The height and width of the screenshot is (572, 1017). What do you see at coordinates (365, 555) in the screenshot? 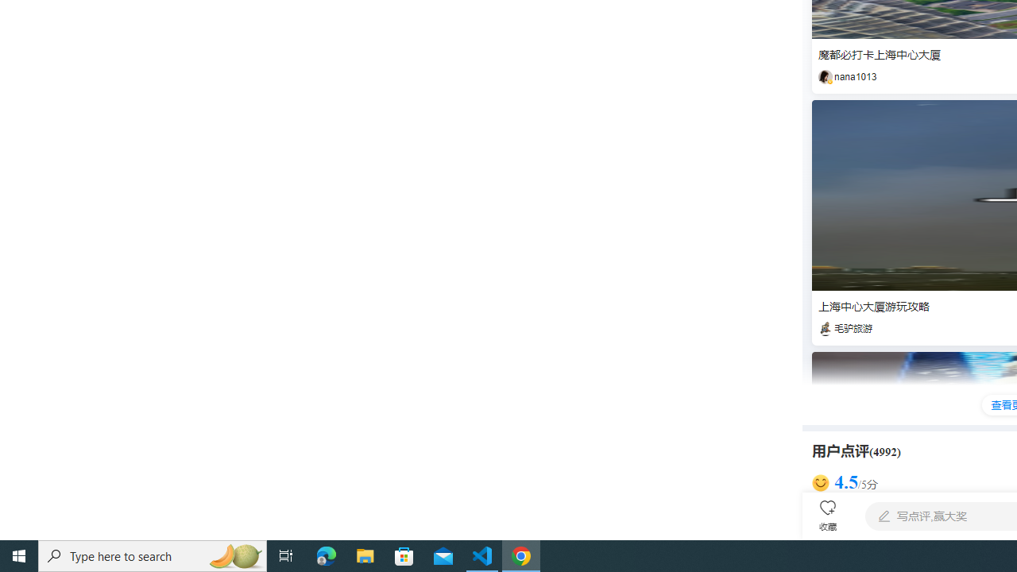
I see `'File Explorer'` at bounding box center [365, 555].